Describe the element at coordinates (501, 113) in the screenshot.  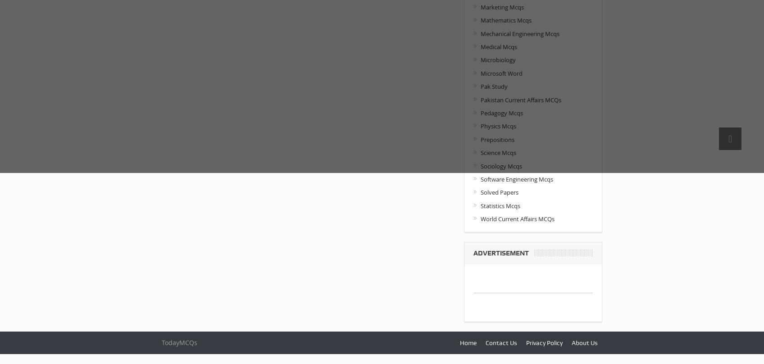
I see `'Pedagogy Mcqs'` at that location.